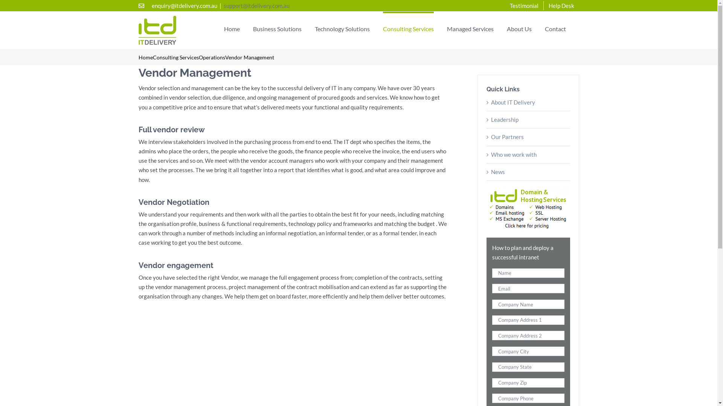  What do you see at coordinates (561, 6) in the screenshot?
I see `'Help Desk'` at bounding box center [561, 6].